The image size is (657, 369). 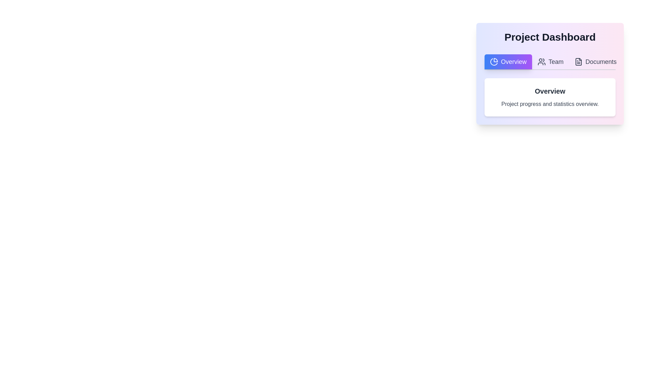 I want to click on the Team tab by clicking its corresponding button, so click(x=550, y=62).